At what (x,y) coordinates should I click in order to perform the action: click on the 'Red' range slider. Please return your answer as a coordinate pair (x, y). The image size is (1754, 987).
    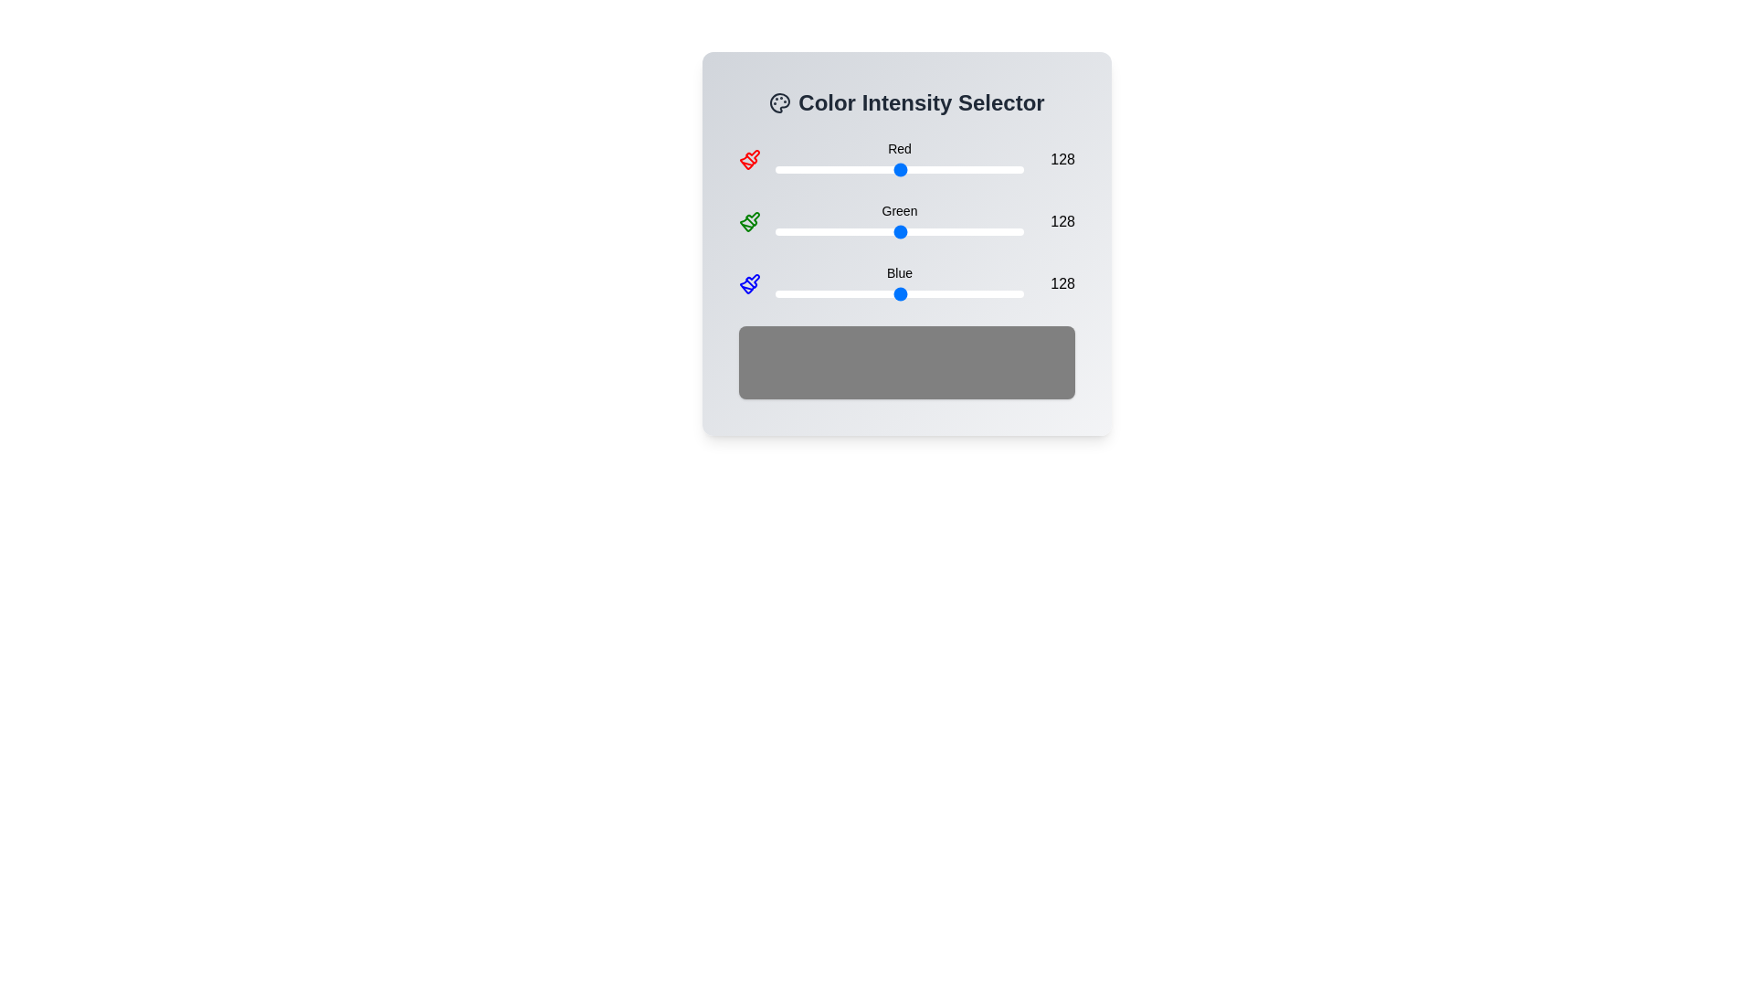
    Looking at the image, I should click on (907, 158).